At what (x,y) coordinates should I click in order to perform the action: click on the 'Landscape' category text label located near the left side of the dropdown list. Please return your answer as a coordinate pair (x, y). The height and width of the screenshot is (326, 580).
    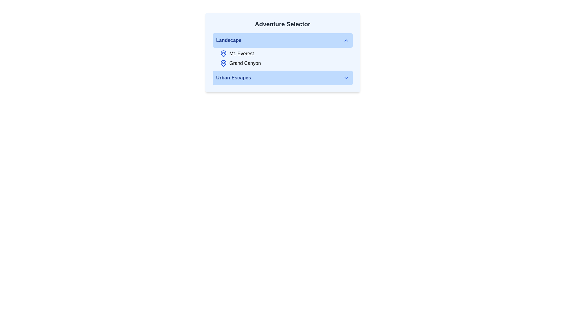
    Looking at the image, I should click on (228, 40).